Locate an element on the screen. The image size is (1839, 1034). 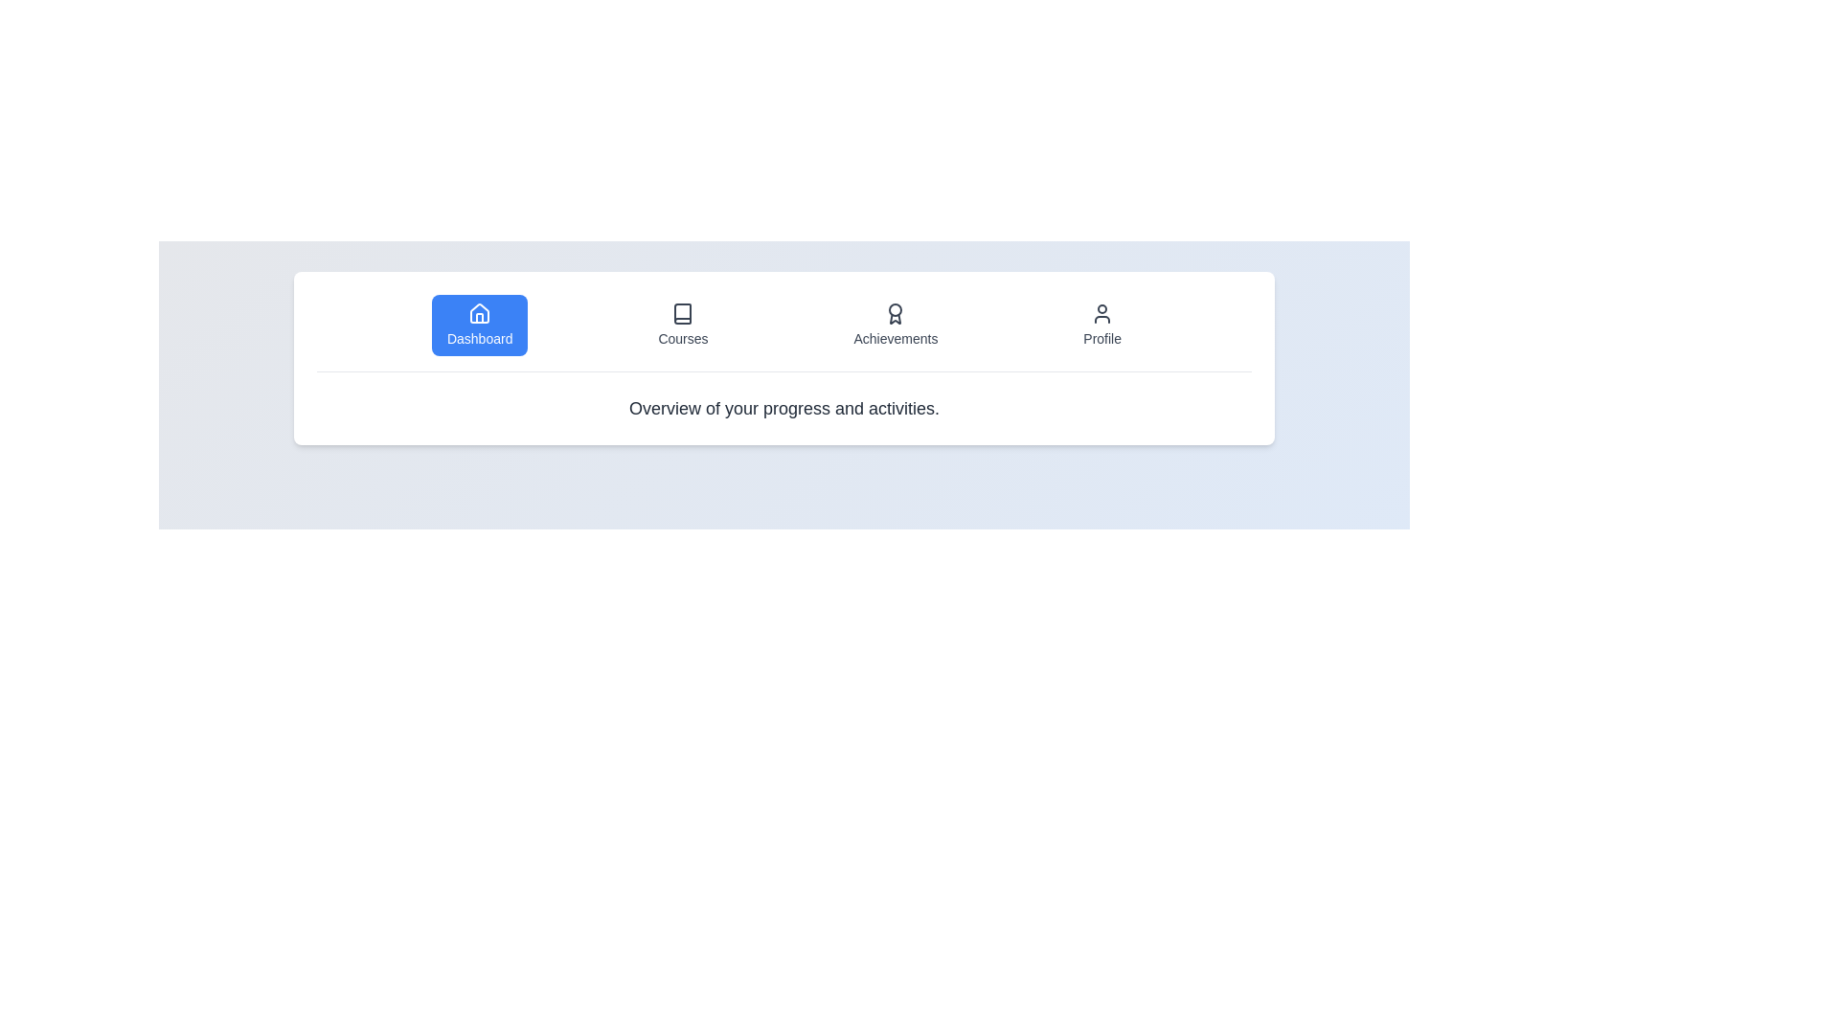
the 'Dashboard' button, which is a blue rectangular button with rounded corners and a house icon above the text label is located at coordinates (480, 338).